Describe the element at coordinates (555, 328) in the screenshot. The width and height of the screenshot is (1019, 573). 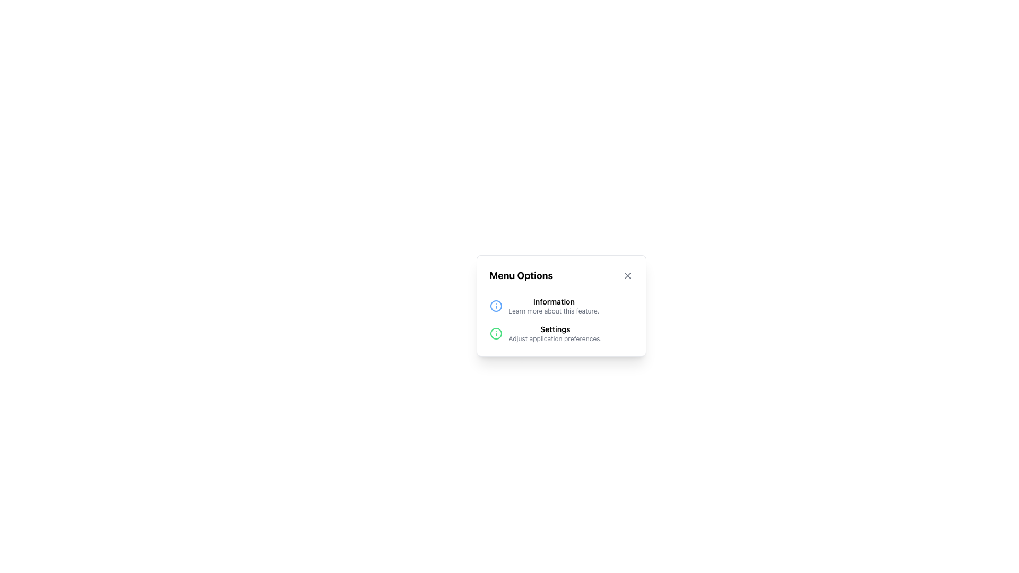
I see `the 'Settings' text label, which is bolded and slightly larger than neighboring text, displayed in dark gray against a light background, centrally located below the 'Menu Options' heading` at that location.